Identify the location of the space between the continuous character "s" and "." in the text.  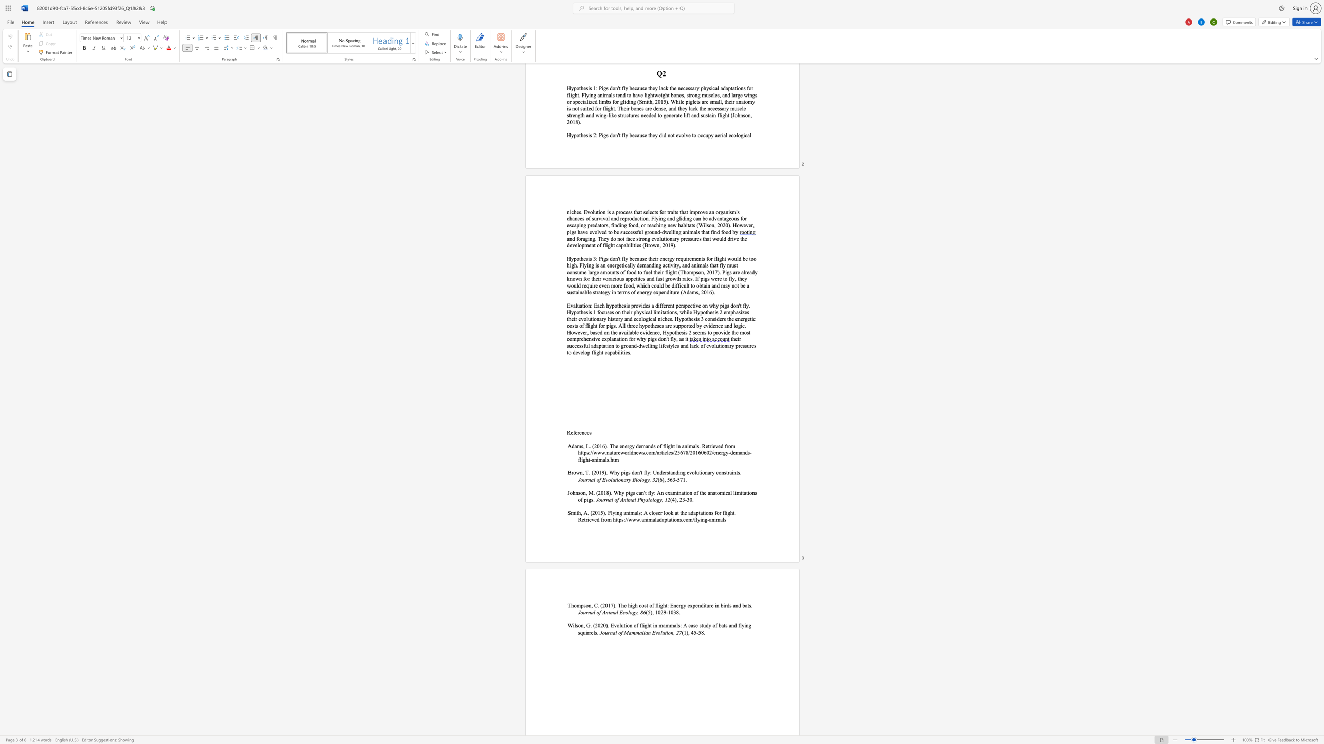
(682, 519).